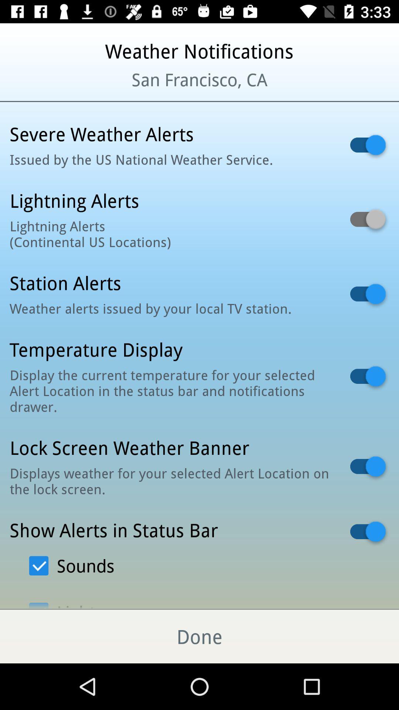 Image resolution: width=399 pixels, height=710 pixels. Describe the element at coordinates (48, 89) in the screenshot. I see `item to the left of the san francisco, ca` at that location.